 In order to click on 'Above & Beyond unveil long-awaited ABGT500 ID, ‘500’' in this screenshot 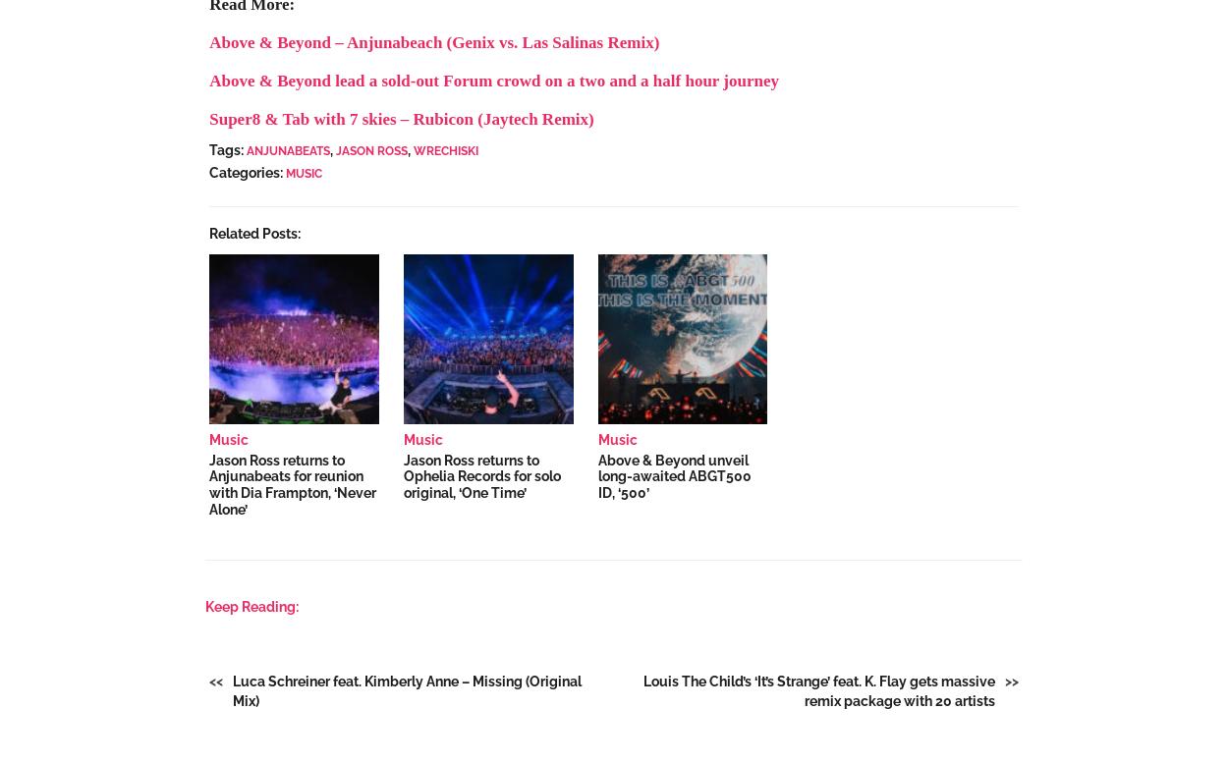, I will do `click(674, 475)`.